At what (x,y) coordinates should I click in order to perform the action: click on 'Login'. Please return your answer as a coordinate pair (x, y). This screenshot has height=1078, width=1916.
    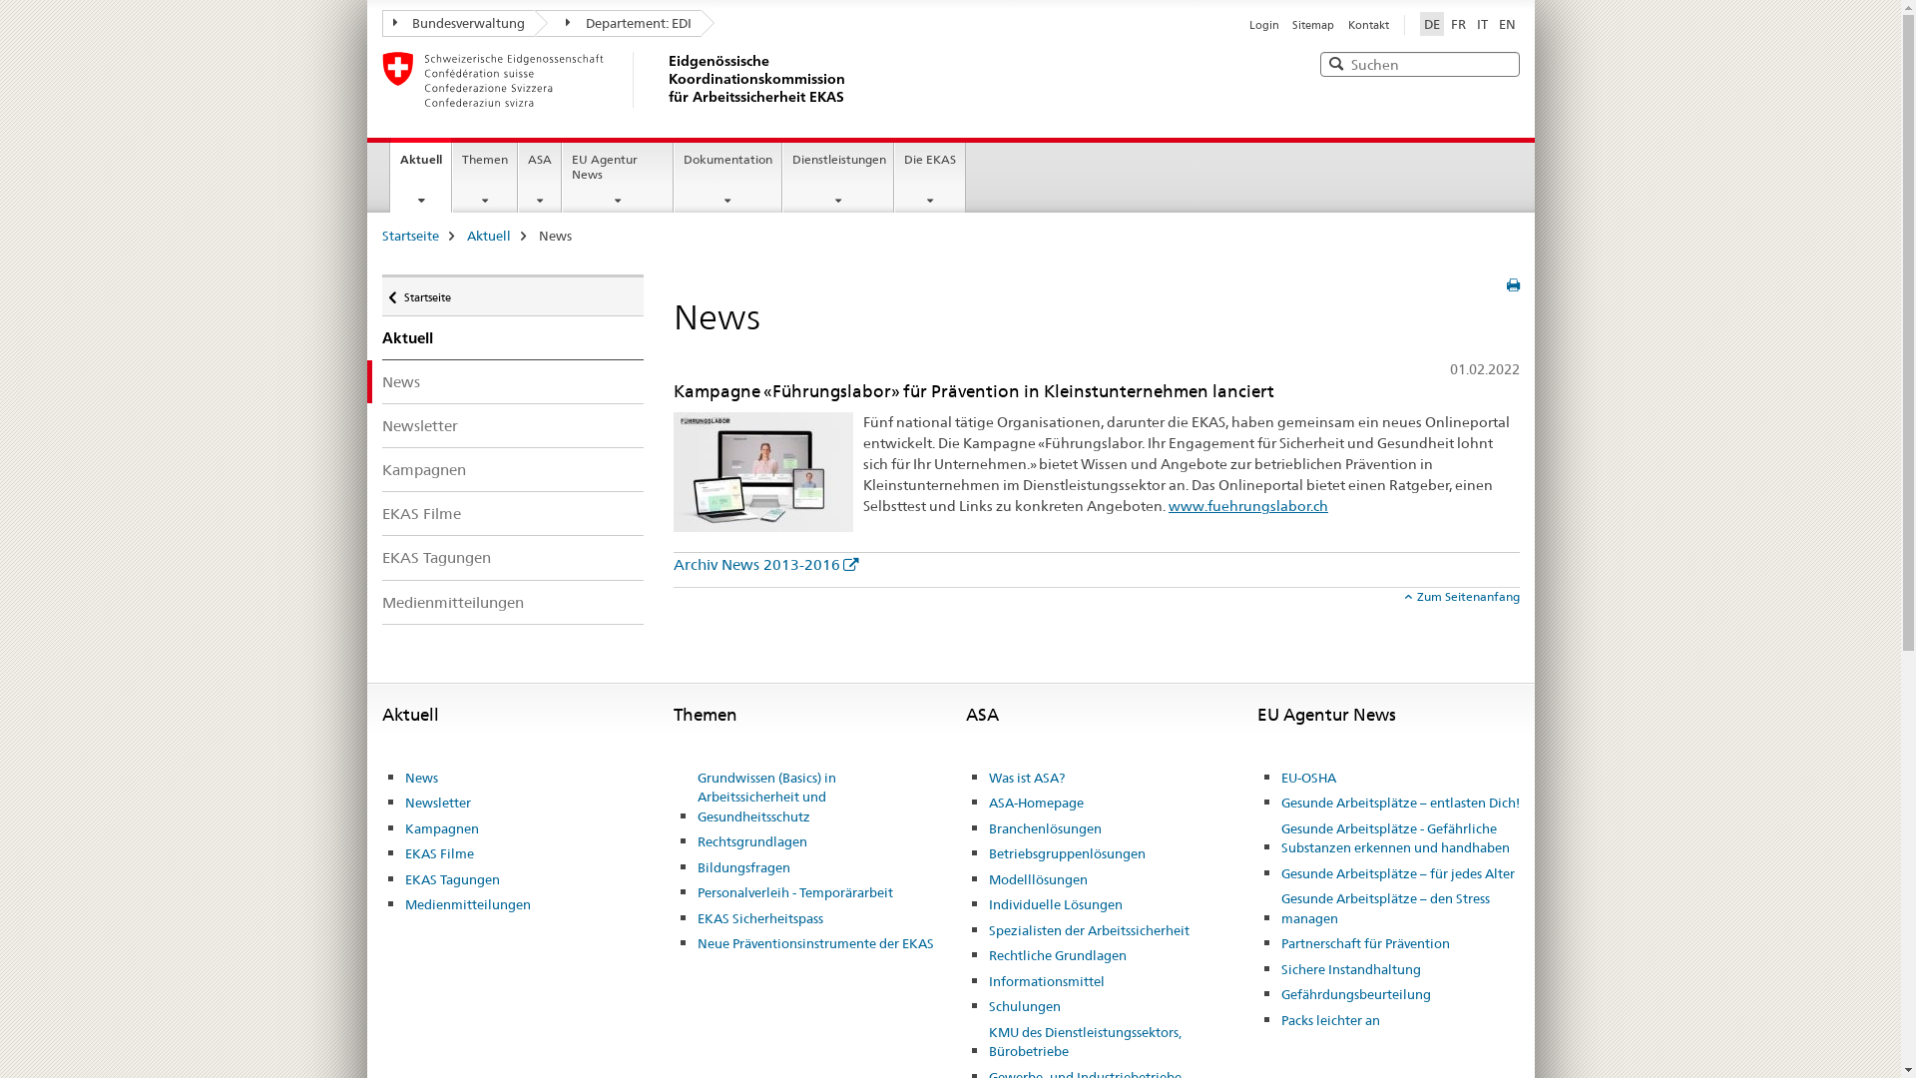
    Looking at the image, I should click on (1263, 24).